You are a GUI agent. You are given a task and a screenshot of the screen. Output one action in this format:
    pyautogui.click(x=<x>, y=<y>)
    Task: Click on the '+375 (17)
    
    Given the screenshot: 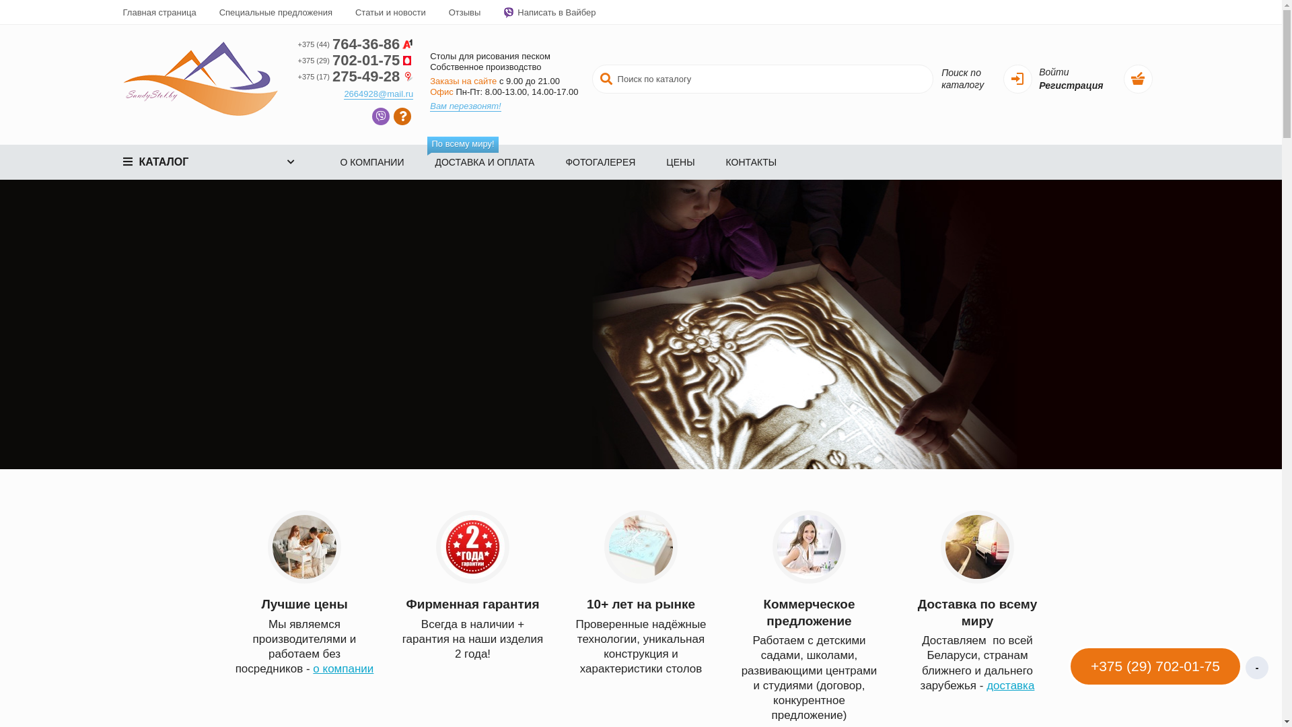 What is the action you would take?
    pyautogui.click(x=296, y=77)
    